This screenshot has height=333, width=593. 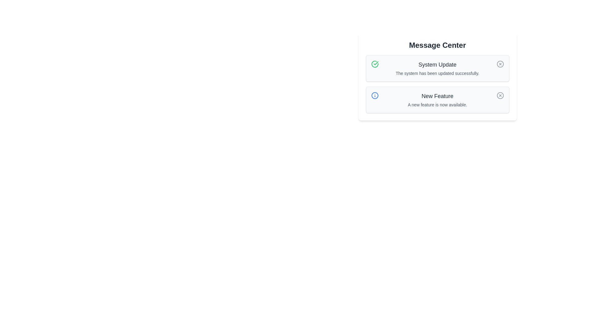 I want to click on the Circle graphical element located in the upper notification row of the 'Message Center' panel, which is aligned to the right of the 'System Update' text, so click(x=500, y=64).